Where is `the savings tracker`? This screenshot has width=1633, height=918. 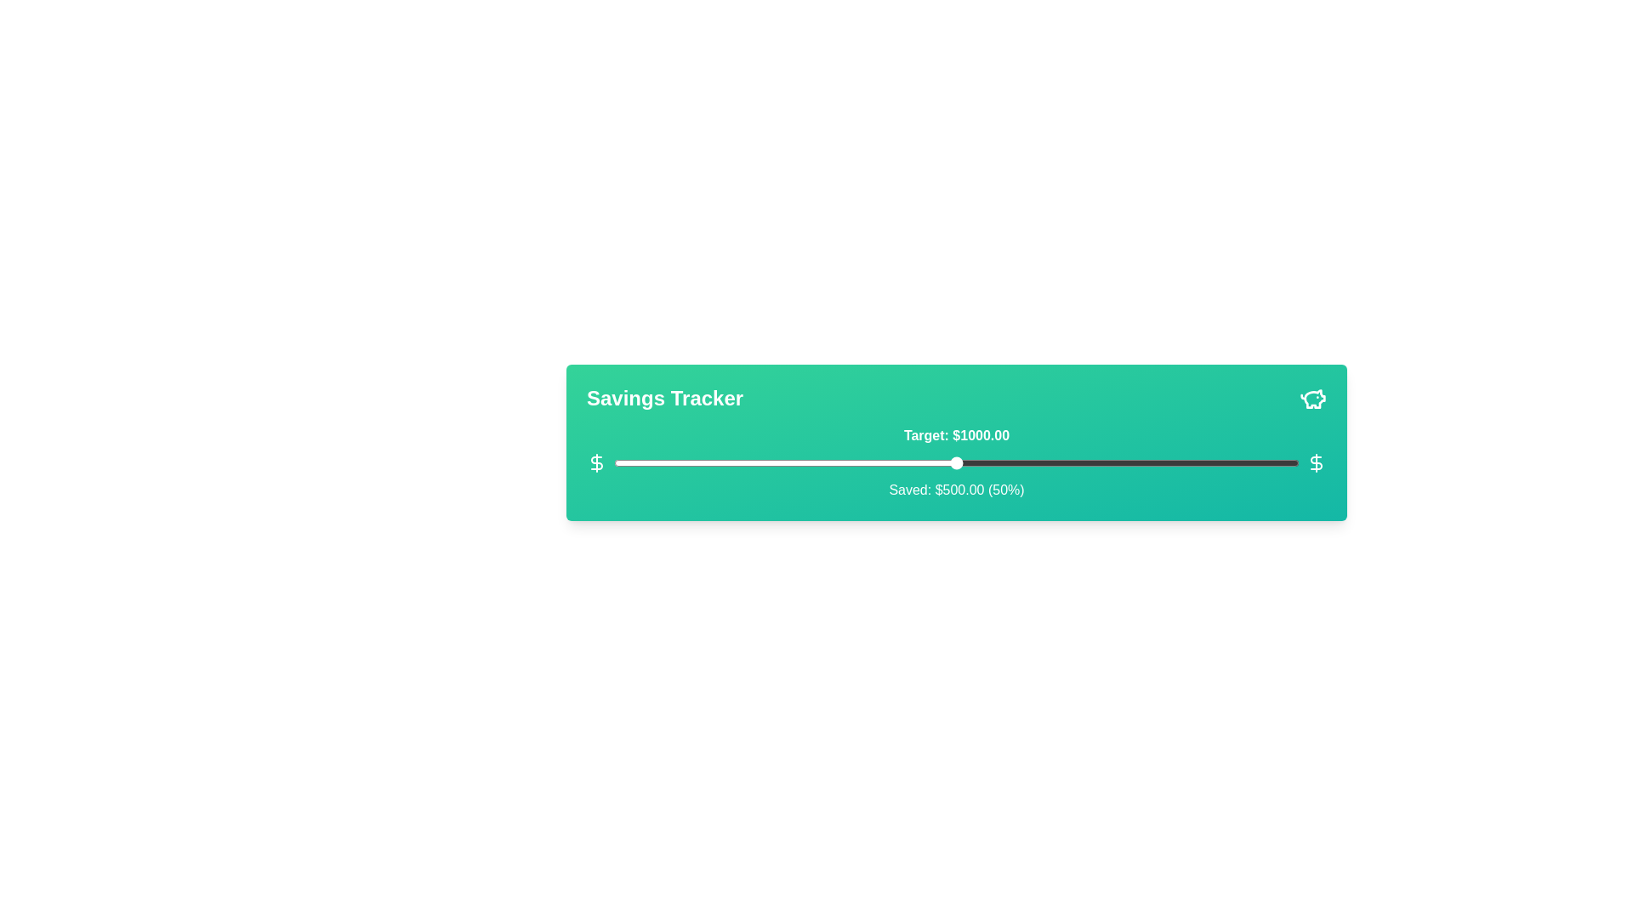 the savings tracker is located at coordinates (887, 462).